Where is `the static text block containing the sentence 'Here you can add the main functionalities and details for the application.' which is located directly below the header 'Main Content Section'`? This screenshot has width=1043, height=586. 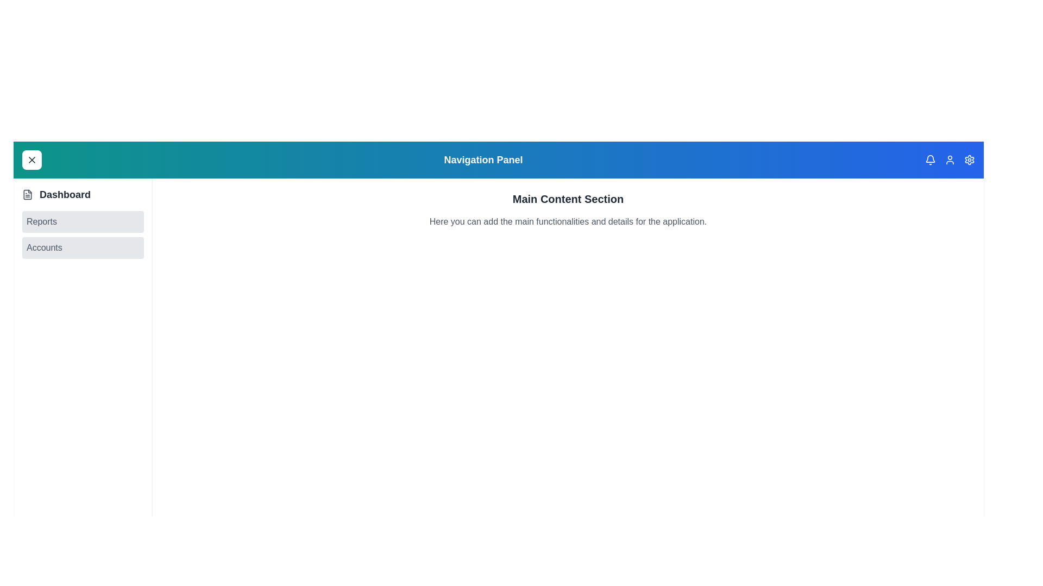
the static text block containing the sentence 'Here you can add the main functionalities and details for the application.' which is located directly below the header 'Main Content Section' is located at coordinates (568, 221).